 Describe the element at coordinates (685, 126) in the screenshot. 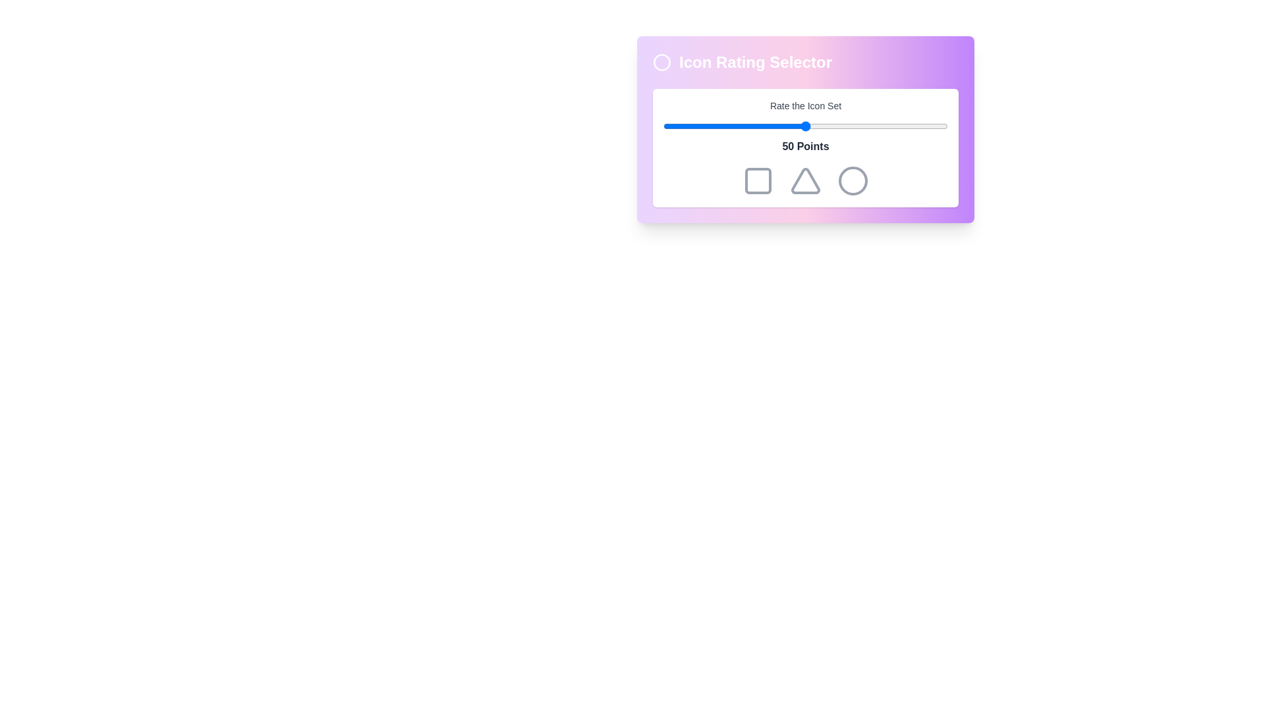

I see `the rating to 8 by moving the slider` at that location.